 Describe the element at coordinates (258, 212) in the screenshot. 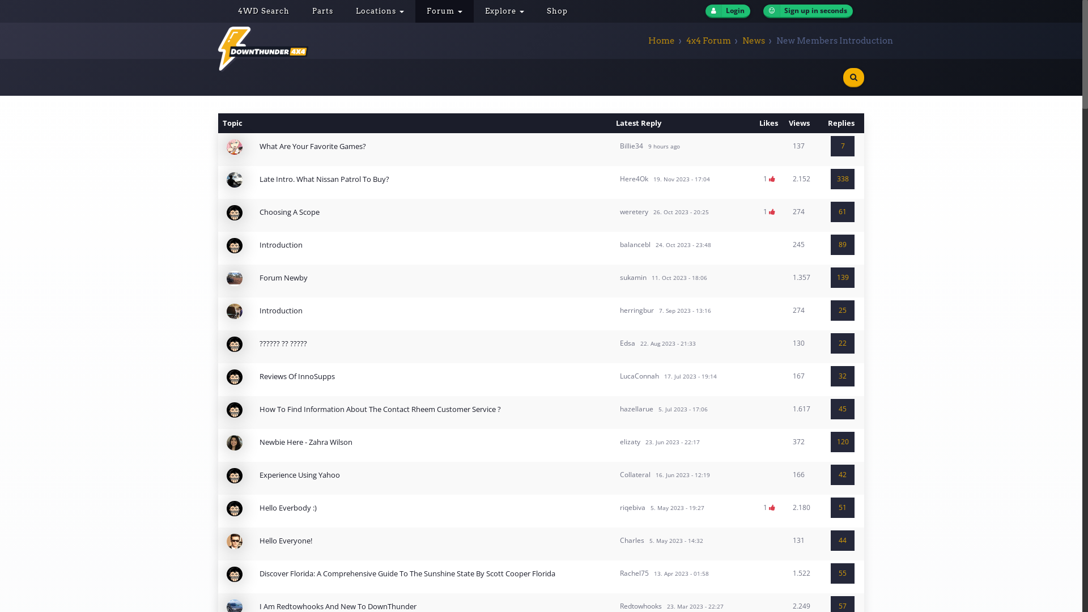

I see `'Choosing A Scope'` at that location.